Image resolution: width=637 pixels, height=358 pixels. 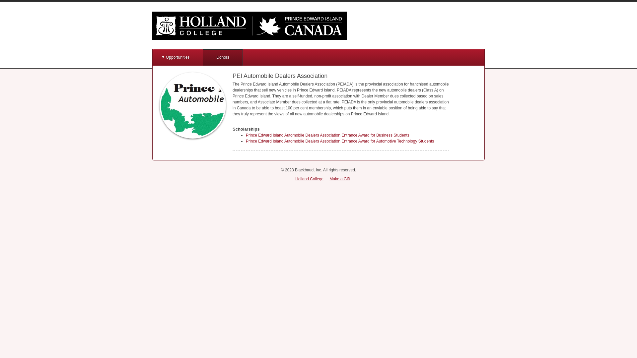 What do you see at coordinates (177, 57) in the screenshot?
I see `'Opportunities'` at bounding box center [177, 57].